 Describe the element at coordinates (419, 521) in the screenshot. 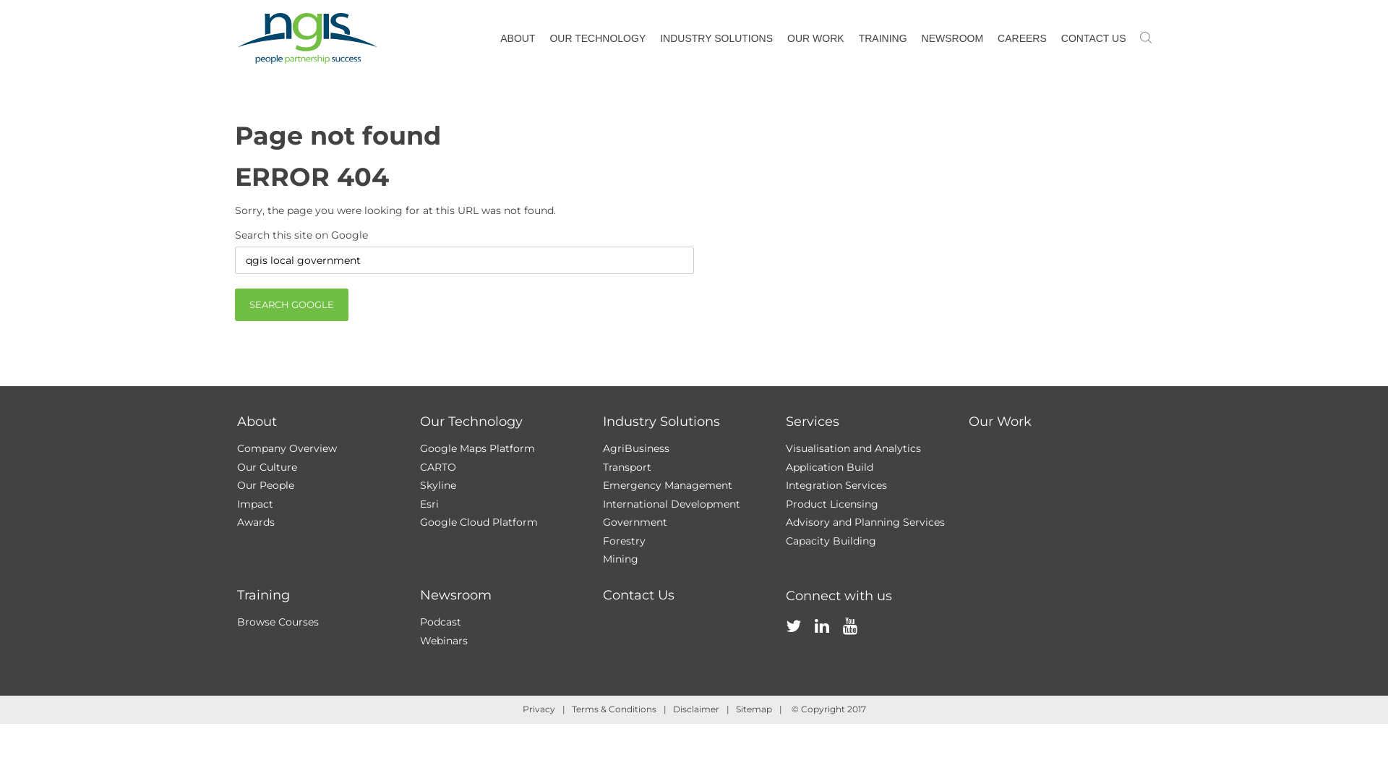

I see `'Google Cloud Platform'` at that location.